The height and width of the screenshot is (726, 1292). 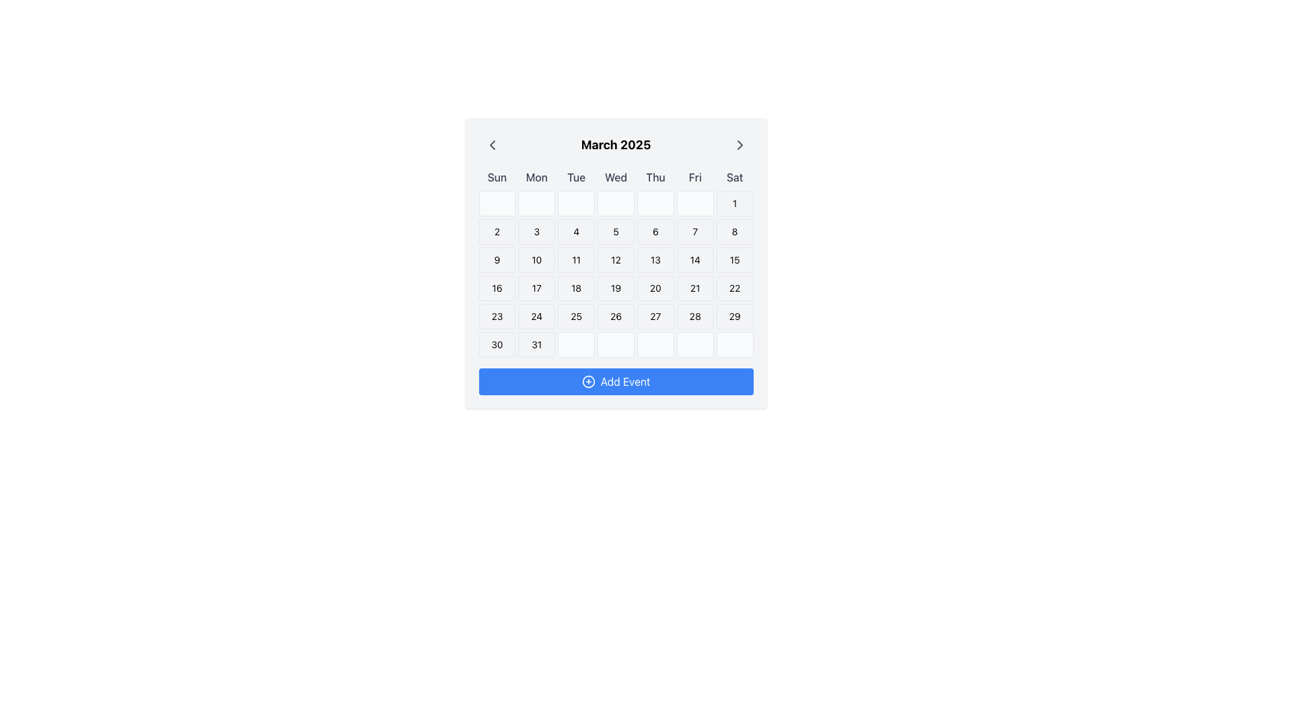 What do you see at coordinates (615, 231) in the screenshot?
I see `the calendar day button displaying the number '5'` at bounding box center [615, 231].